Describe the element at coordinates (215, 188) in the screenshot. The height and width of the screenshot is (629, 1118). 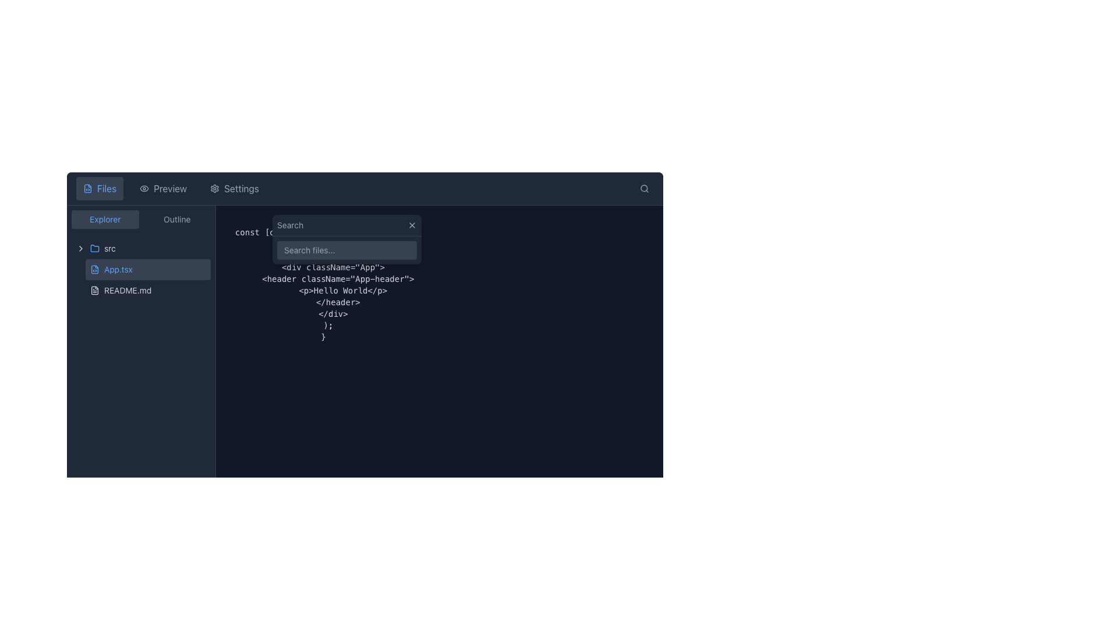
I see `the settings gear icon located` at that location.